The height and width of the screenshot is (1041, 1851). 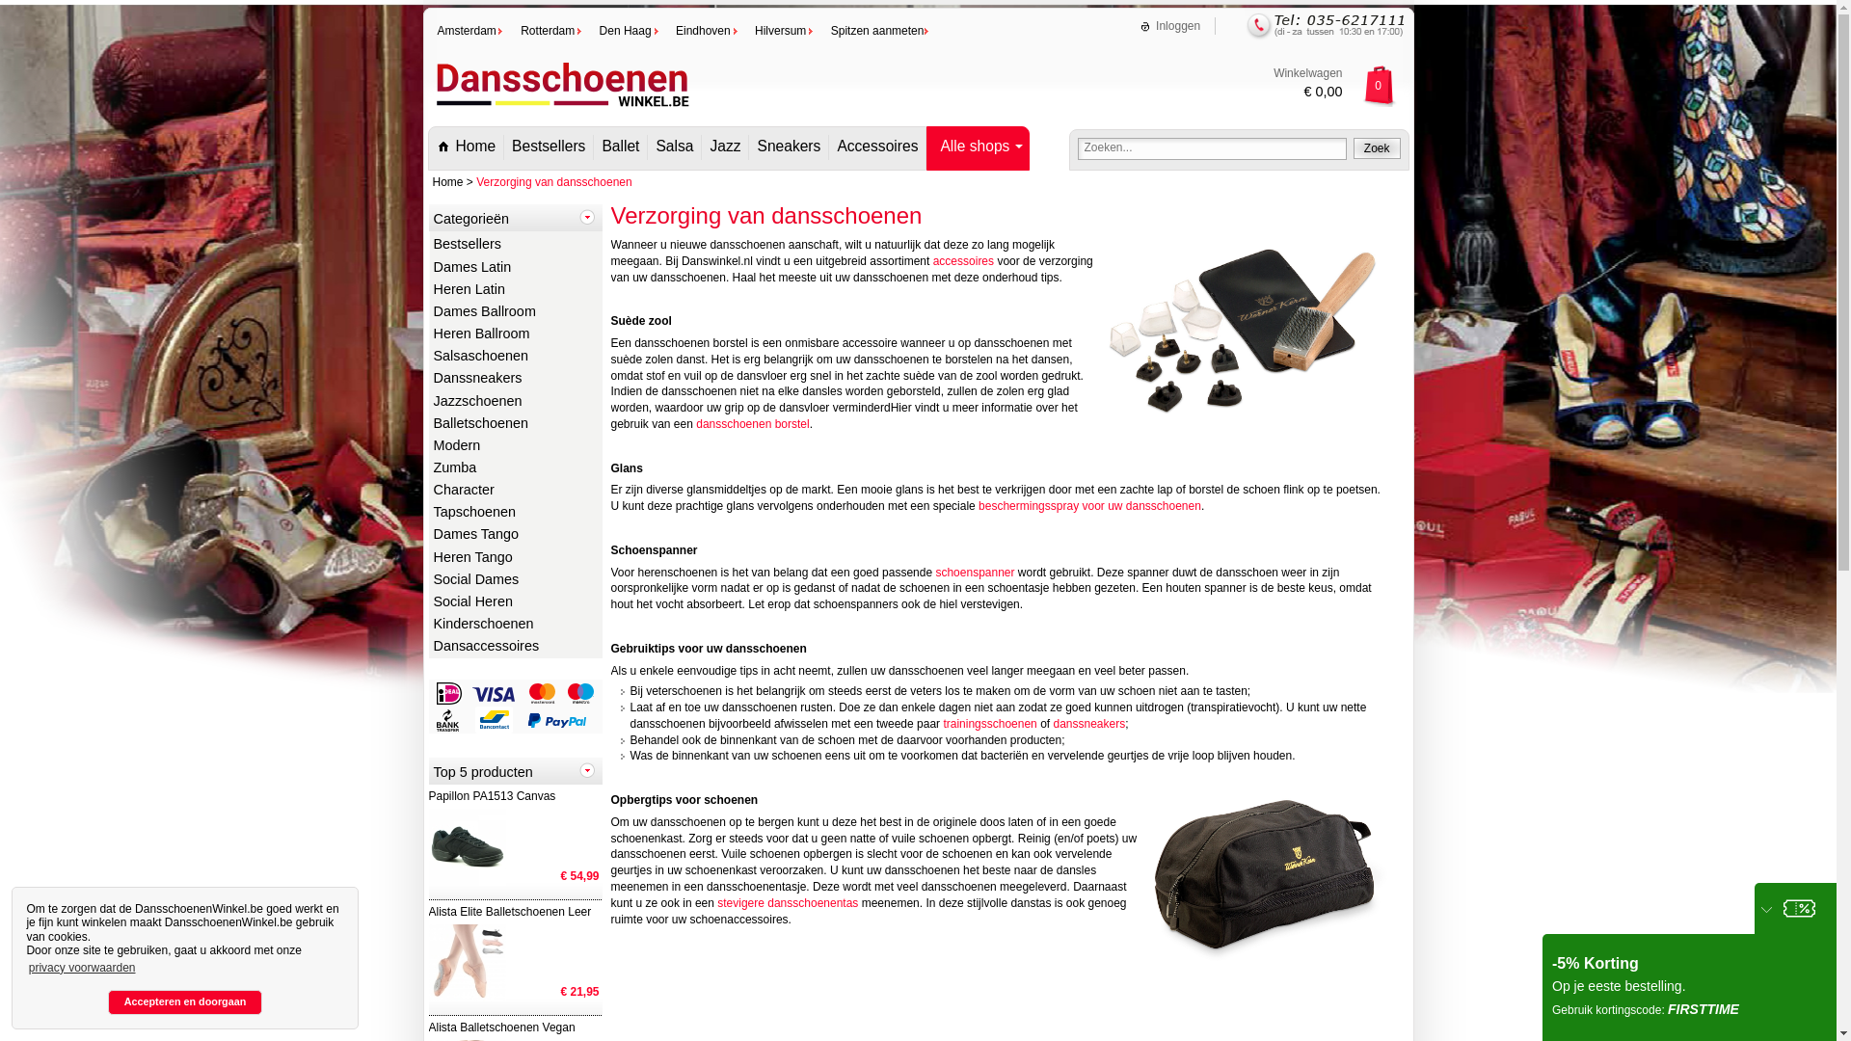 I want to click on 'Home', so click(x=447, y=182).